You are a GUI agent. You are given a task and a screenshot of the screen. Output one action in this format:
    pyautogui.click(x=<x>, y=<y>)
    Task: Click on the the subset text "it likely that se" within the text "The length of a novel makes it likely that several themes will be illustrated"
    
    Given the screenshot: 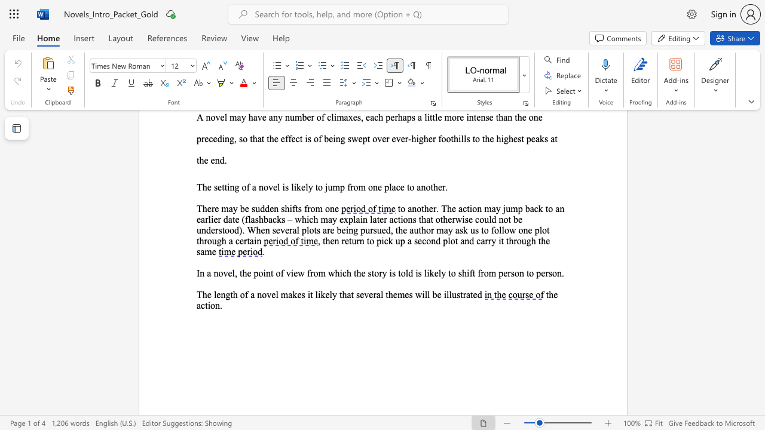 What is the action you would take?
    pyautogui.click(x=307, y=294)
    